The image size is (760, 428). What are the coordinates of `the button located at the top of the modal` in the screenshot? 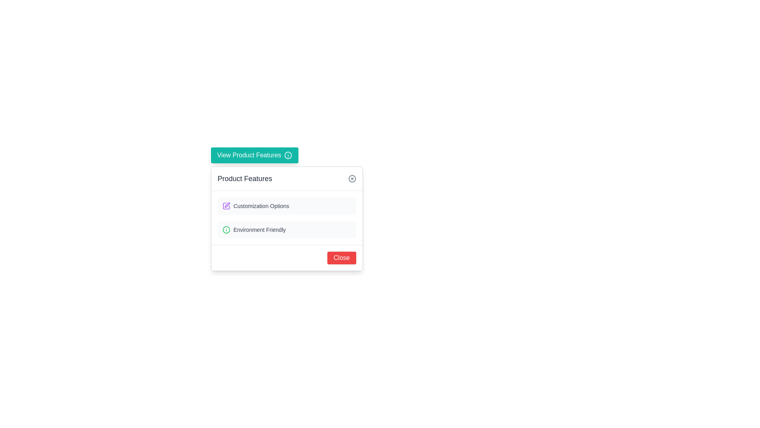 It's located at (255, 155).